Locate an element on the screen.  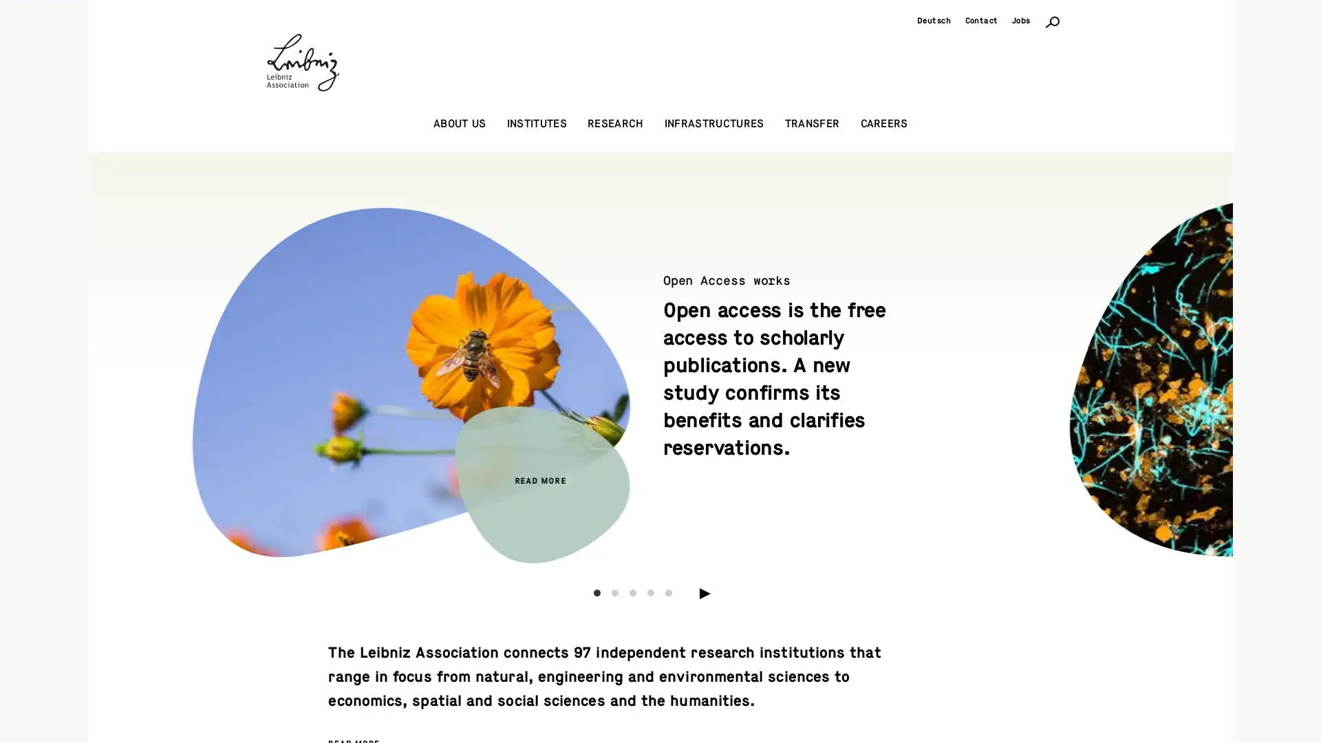
Next is located at coordinates (1124, 366).